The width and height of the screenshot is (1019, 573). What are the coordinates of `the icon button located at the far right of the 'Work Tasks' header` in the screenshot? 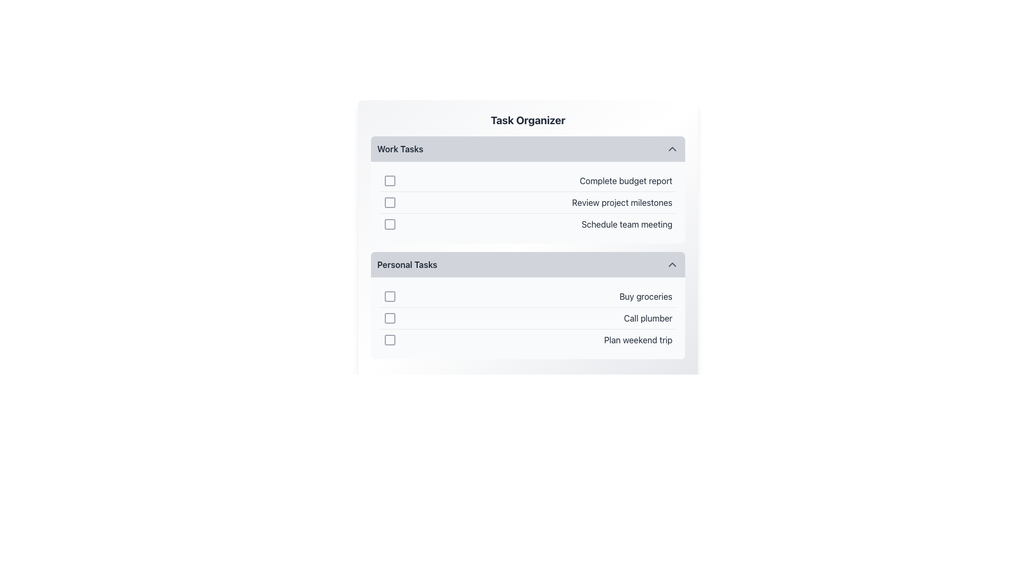 It's located at (672, 149).